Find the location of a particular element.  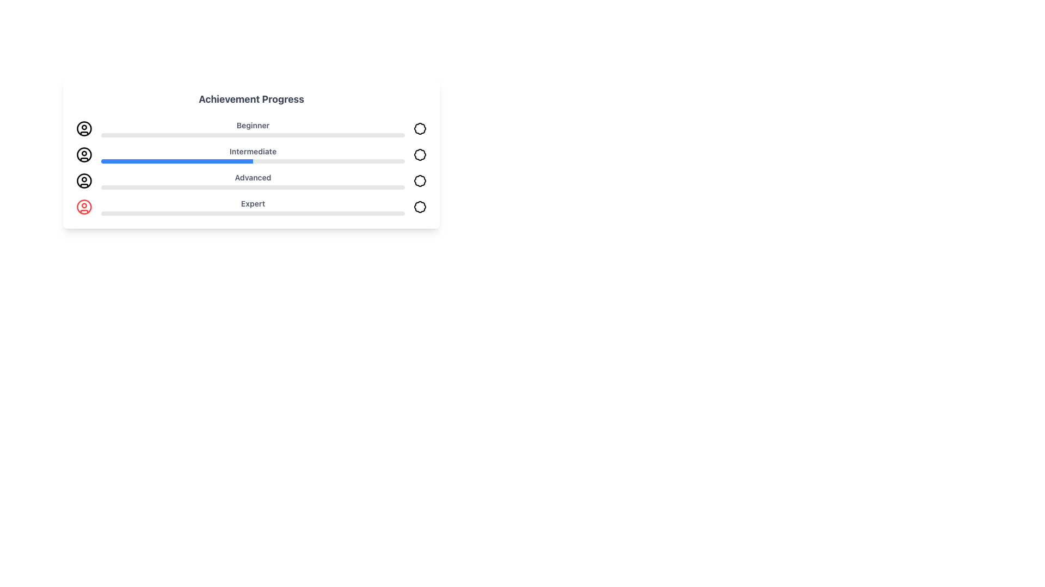

the second user profile icon in the list under the label 'Intermediate', which is a circular blue icon representing a user profile is located at coordinates (83, 155).